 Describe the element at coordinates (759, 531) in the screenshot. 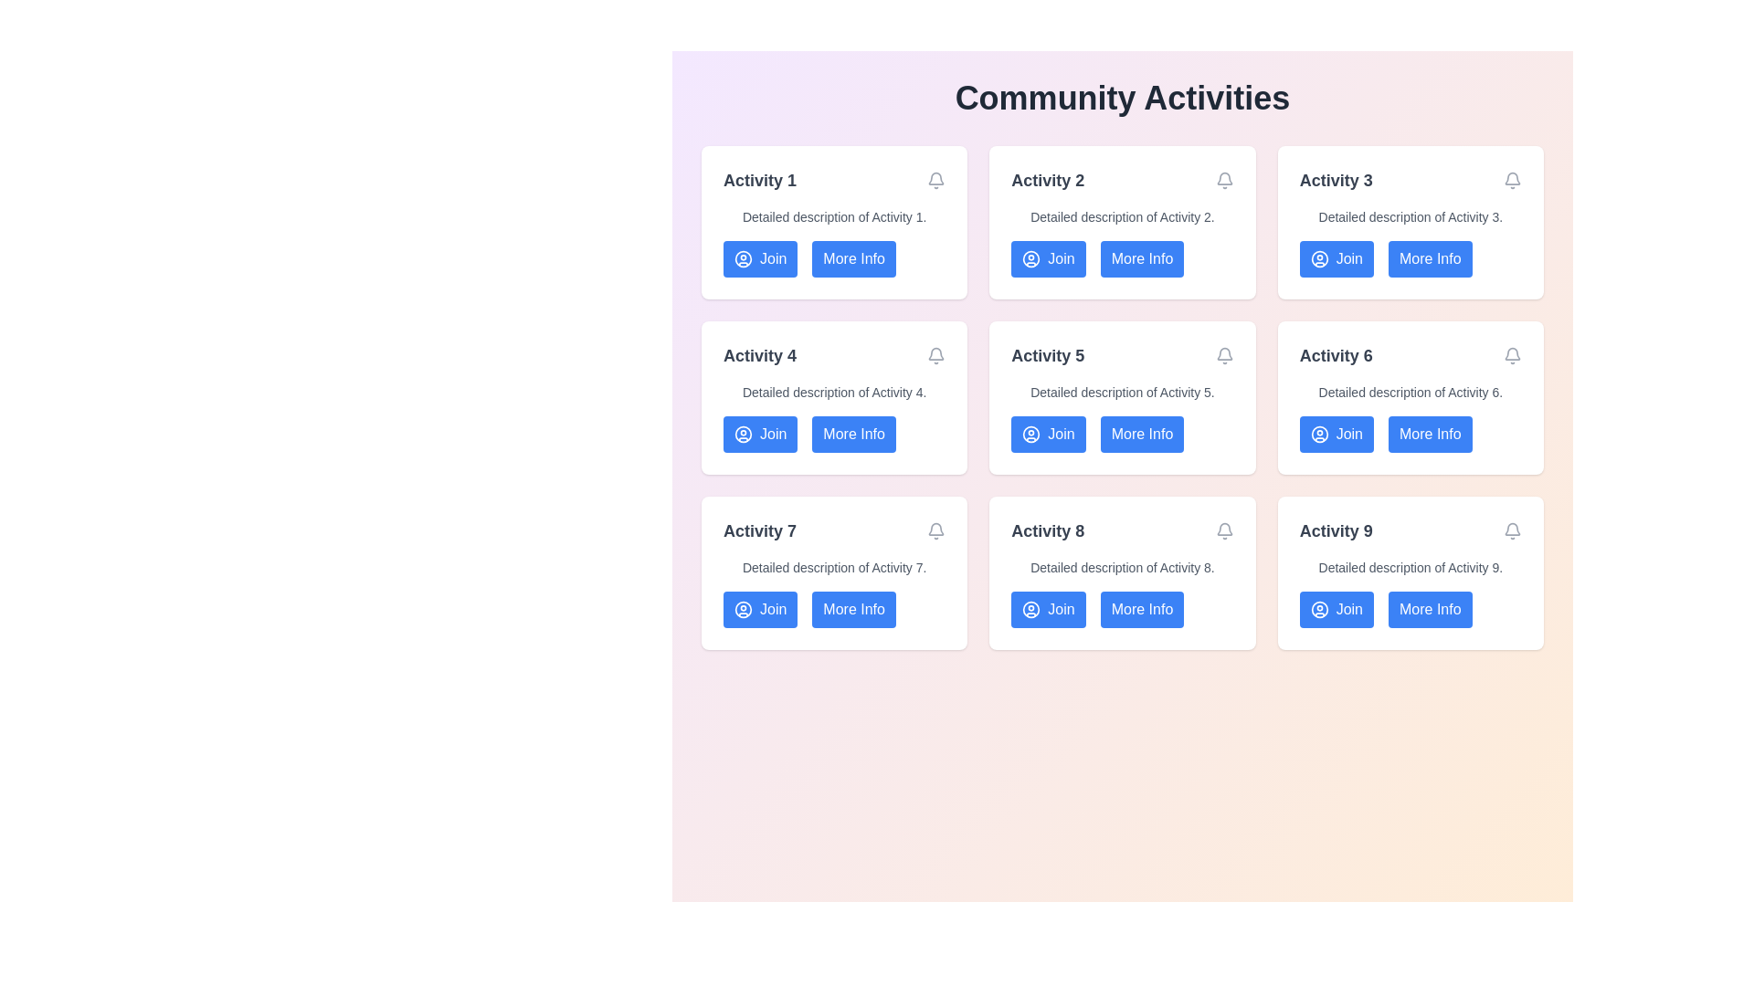

I see `the static text label displaying 'Activity 7', which is located in the bottom-left part of the grid layout and serves as a prominent title for its section` at that location.